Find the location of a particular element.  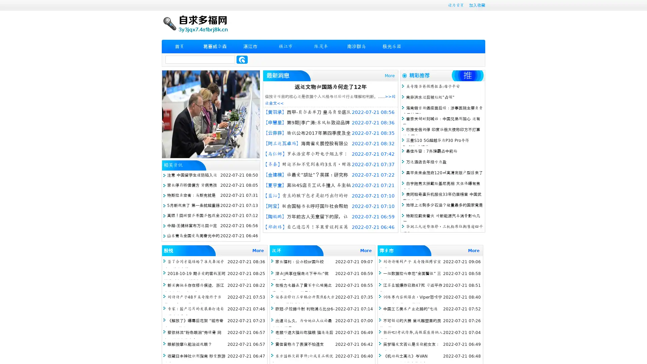

Search is located at coordinates (242, 59).